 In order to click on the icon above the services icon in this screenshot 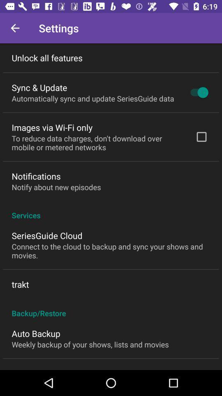, I will do `click(201, 137)`.